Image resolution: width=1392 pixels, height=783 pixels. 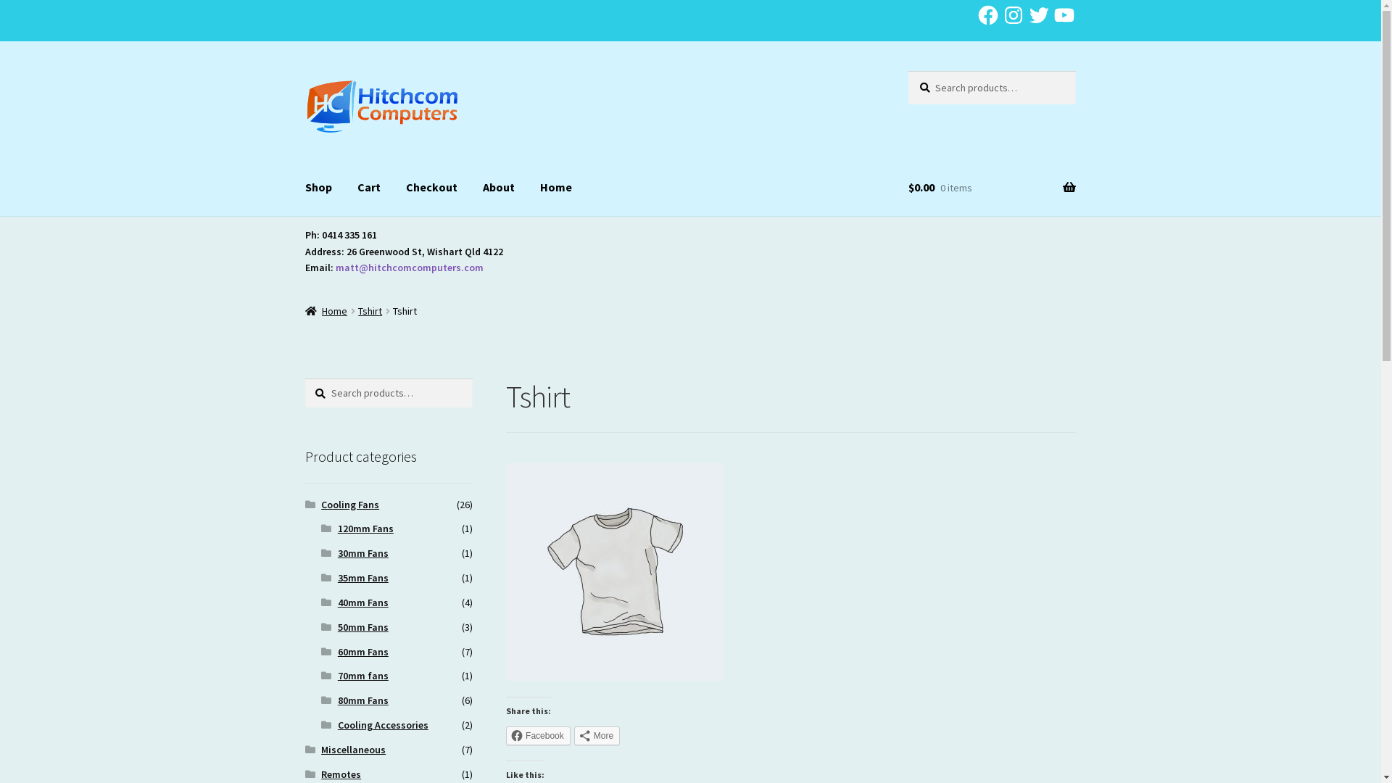 What do you see at coordinates (320, 749) in the screenshot?
I see `'Miscellaneous'` at bounding box center [320, 749].